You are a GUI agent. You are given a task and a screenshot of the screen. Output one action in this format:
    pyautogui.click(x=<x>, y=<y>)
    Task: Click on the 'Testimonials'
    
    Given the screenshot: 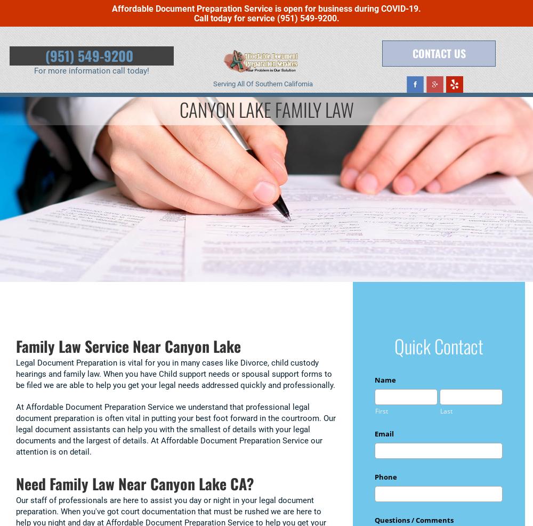 What is the action you would take?
    pyautogui.click(x=284, y=78)
    